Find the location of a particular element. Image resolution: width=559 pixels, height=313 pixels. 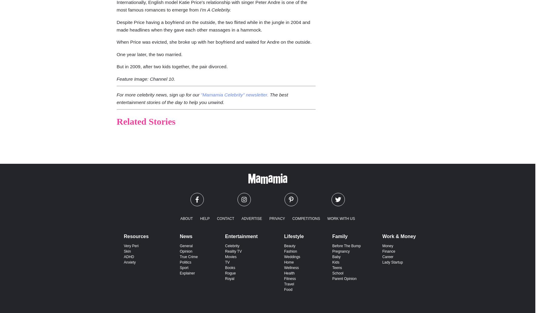

'But in 2009, after two kids together, the pair divorced.' is located at coordinates (116, 66).